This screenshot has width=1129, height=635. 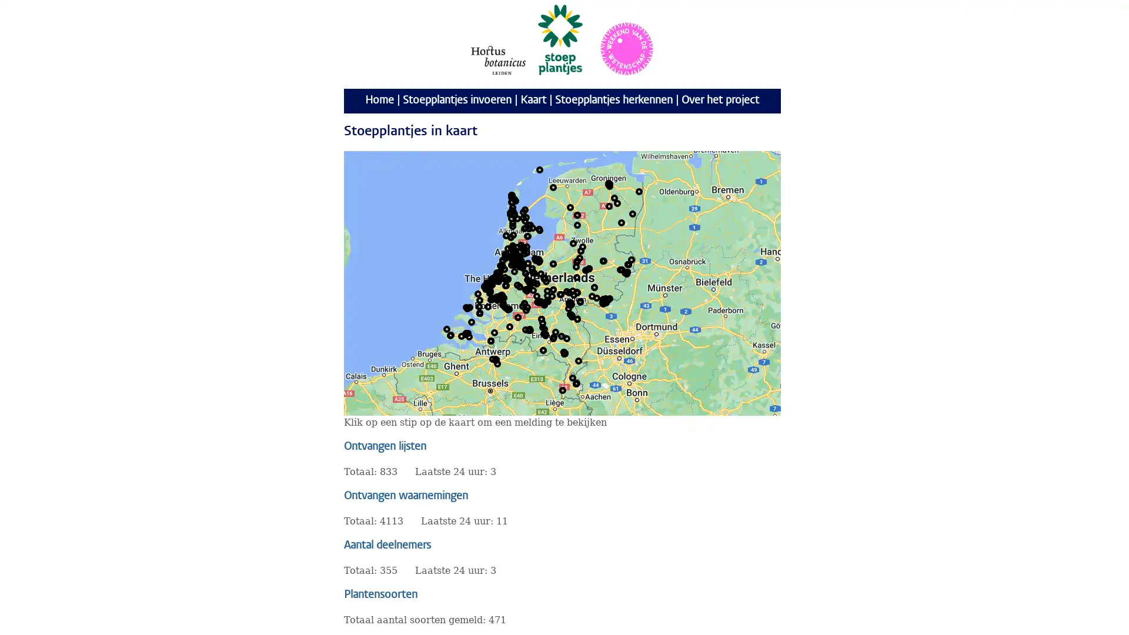 I want to click on Telling van Marcel Meijer Hof op 28 januari 2022, so click(x=626, y=272).